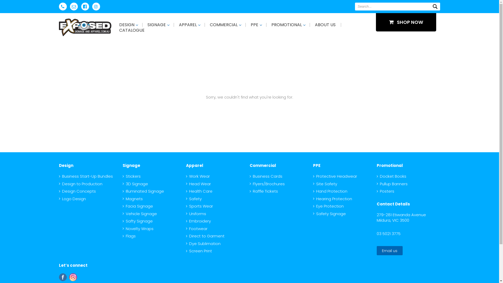 This screenshot has height=283, width=503. What do you see at coordinates (390, 165) in the screenshot?
I see `'Promotional'` at bounding box center [390, 165].